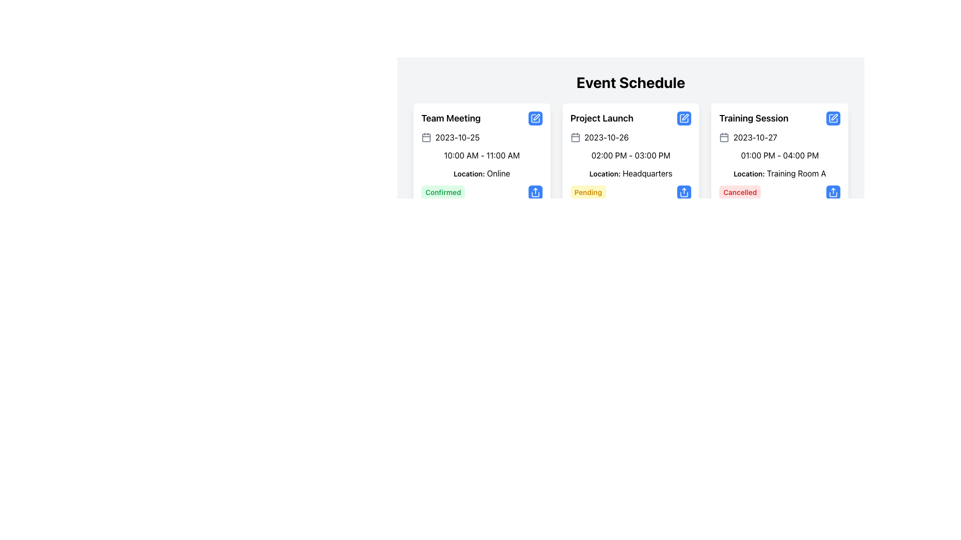 Image resolution: width=961 pixels, height=540 pixels. Describe the element at coordinates (754, 117) in the screenshot. I see `the 'Training Session' title text label located at the top center of the event card` at that location.